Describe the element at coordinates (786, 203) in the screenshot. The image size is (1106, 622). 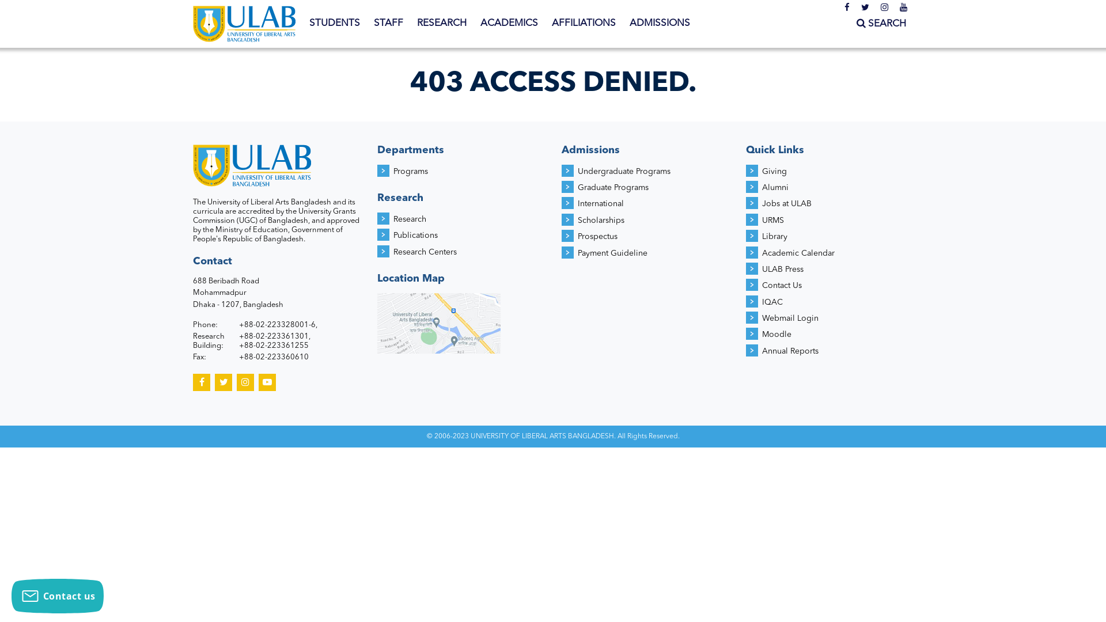
I see `'Jobs at ULAB'` at that location.